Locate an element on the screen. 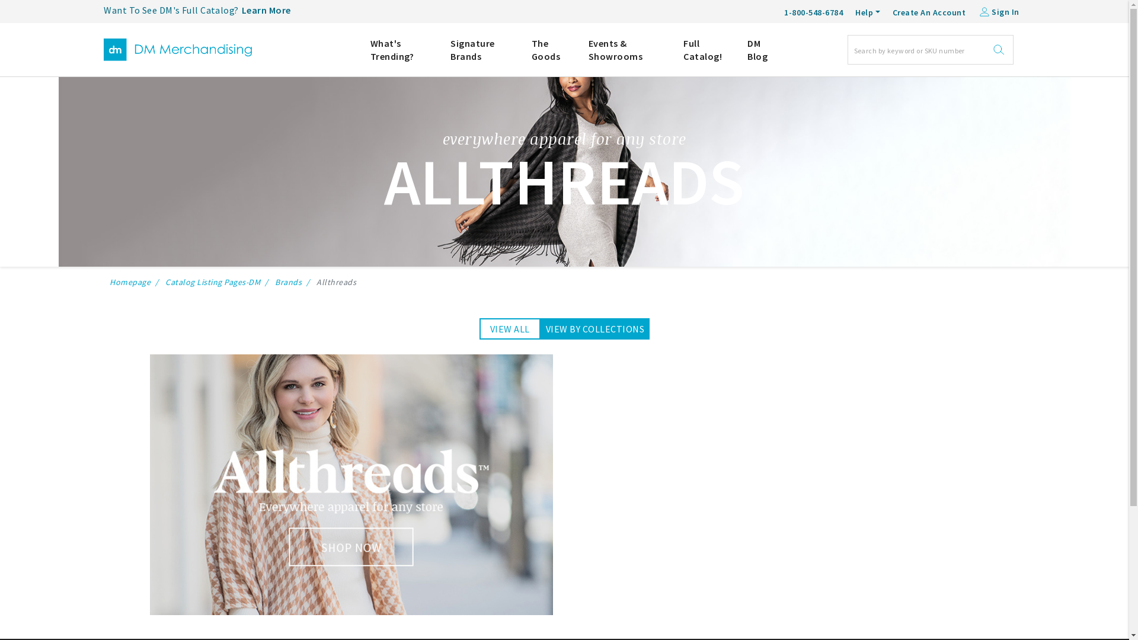 Image resolution: width=1138 pixels, height=640 pixels. 'Create An Account' is located at coordinates (893, 11).